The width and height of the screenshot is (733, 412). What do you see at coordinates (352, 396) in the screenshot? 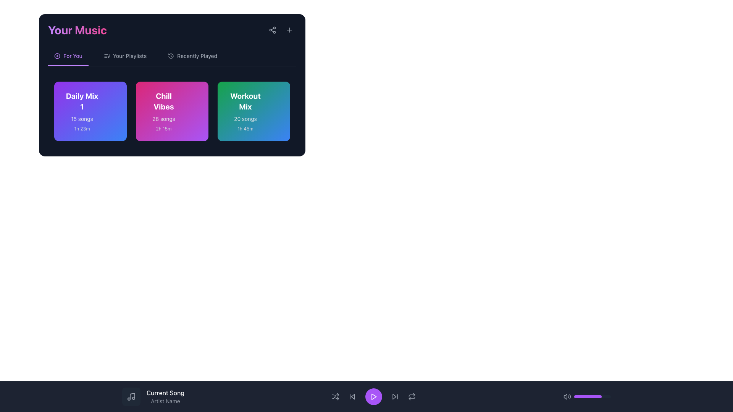
I see `the skip-backward control button, which has a triangular arrow pointing left and is located in the bottom playback controls bar, between the shuffle button and the play button` at bounding box center [352, 396].